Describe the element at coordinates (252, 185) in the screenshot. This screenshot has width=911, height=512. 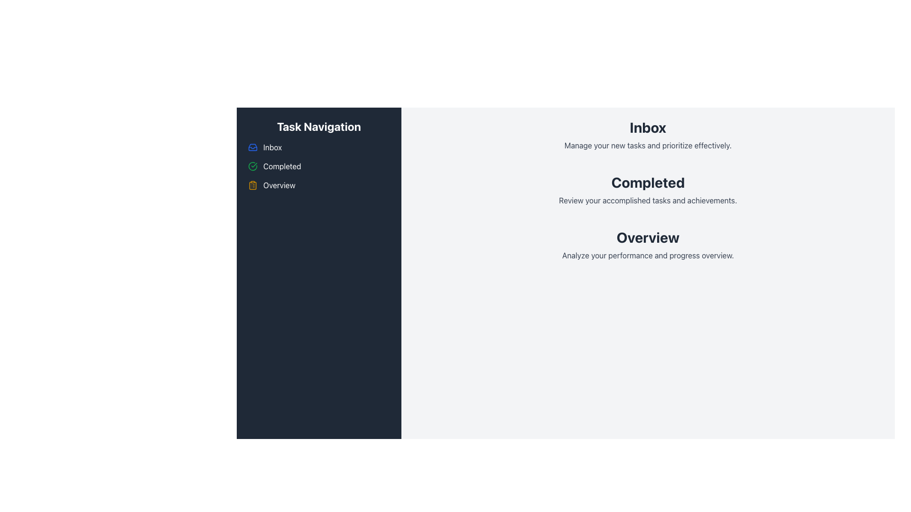
I see `the appearance of the small yellow clipboard-style icon for 'Overview' located under 'Task Navigation' in the left navigation panel` at that location.